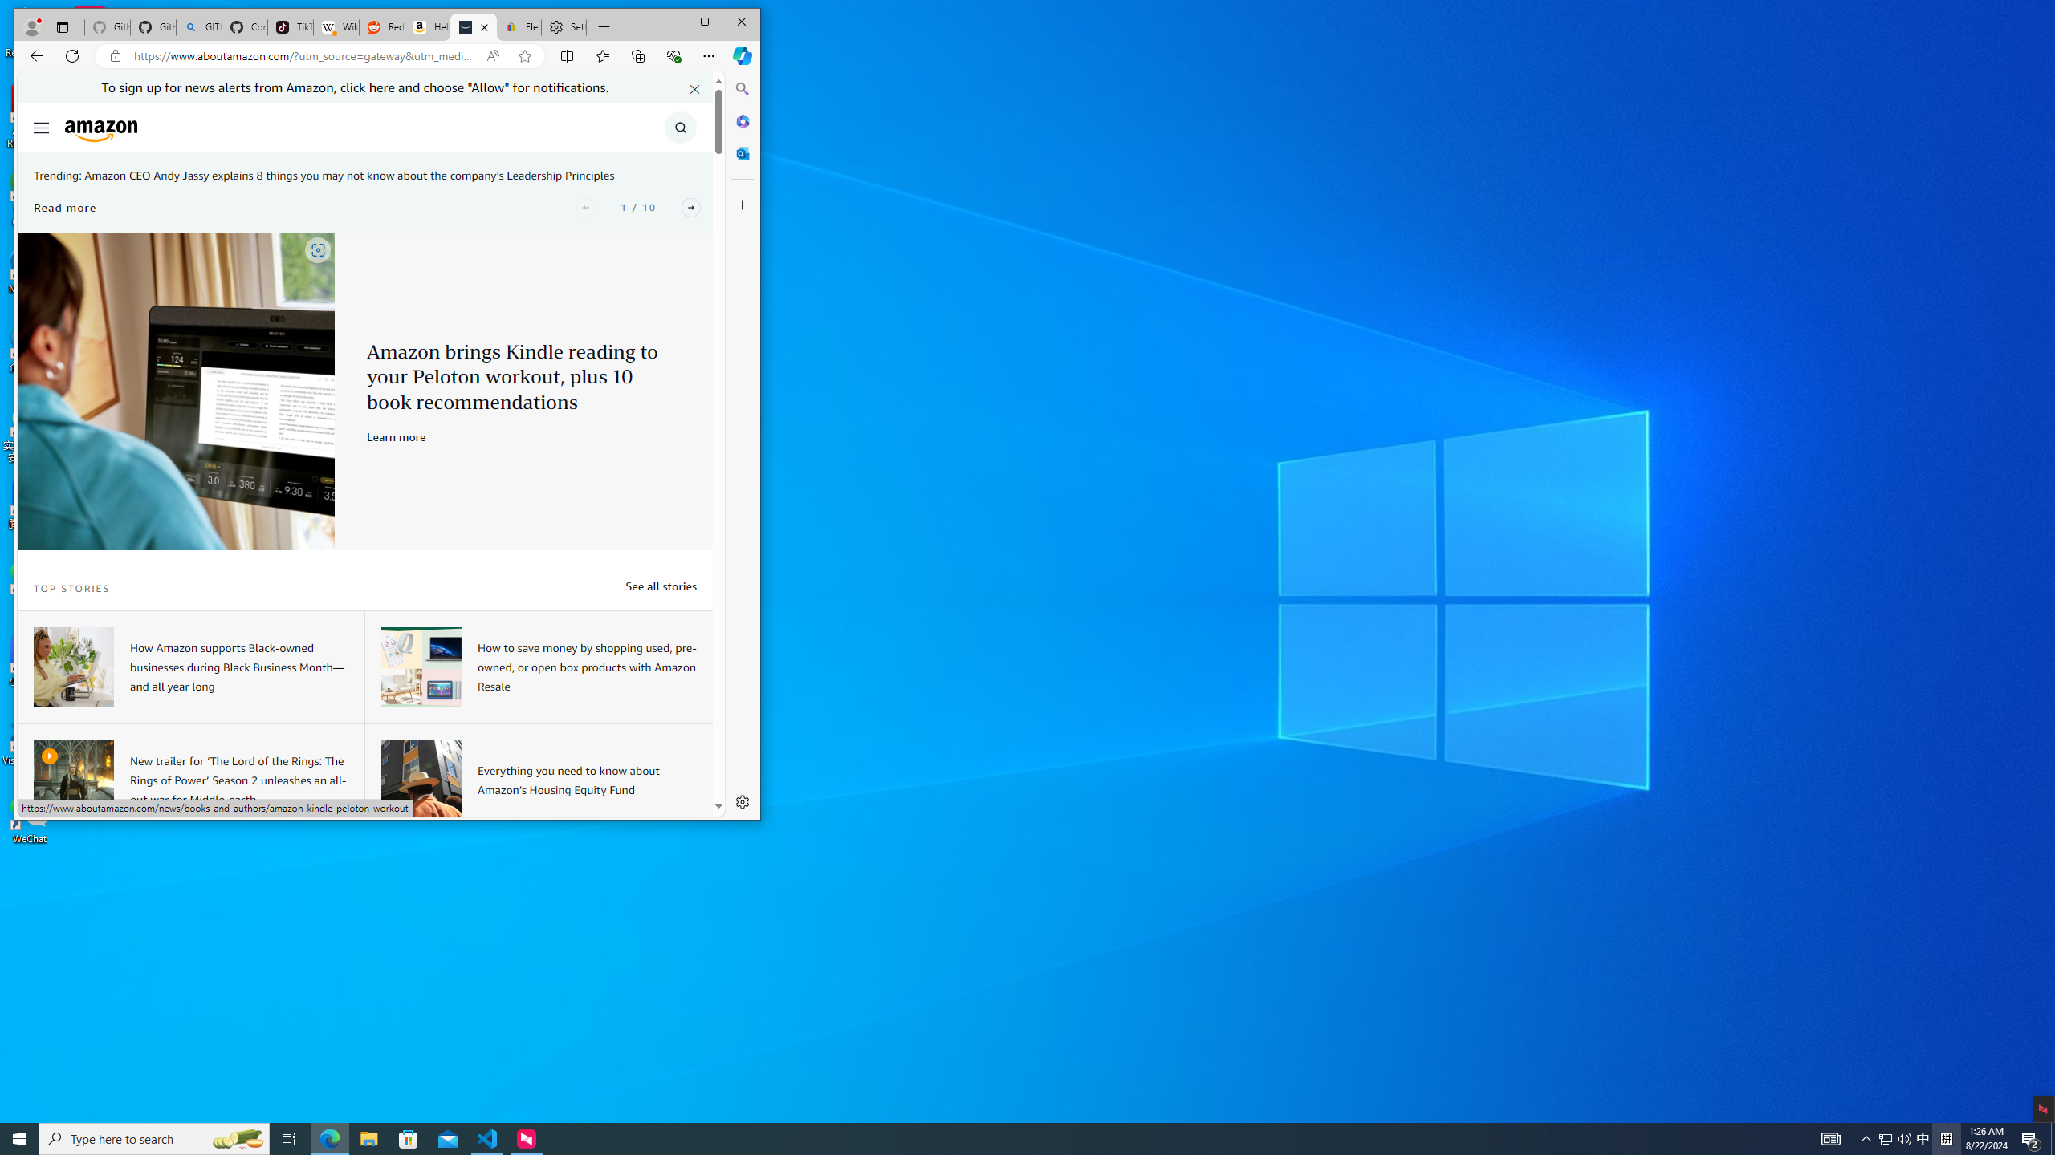 The width and height of the screenshot is (2055, 1155). I want to click on 'Type here to search', so click(153, 1137).